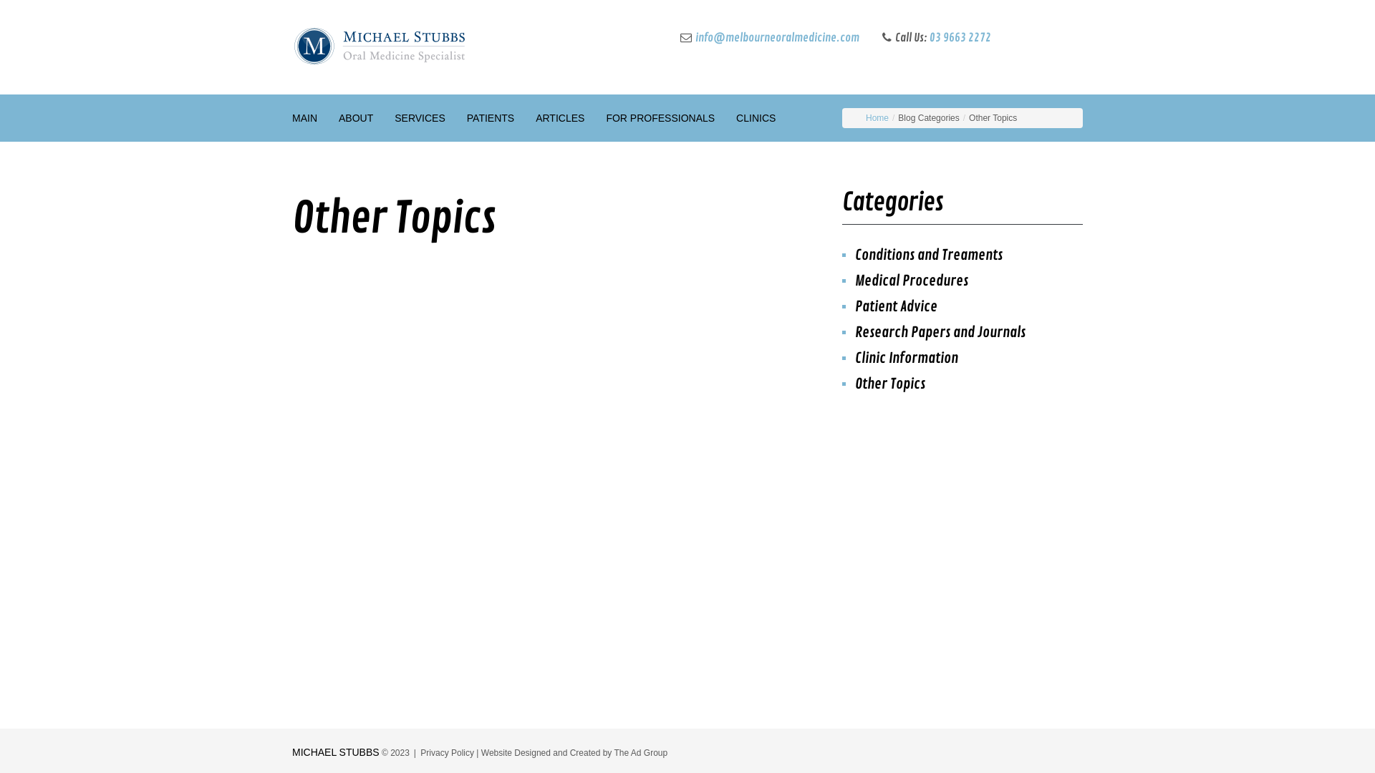 Image resolution: width=1375 pixels, height=773 pixels. I want to click on 'ABOUT', so click(356, 117).